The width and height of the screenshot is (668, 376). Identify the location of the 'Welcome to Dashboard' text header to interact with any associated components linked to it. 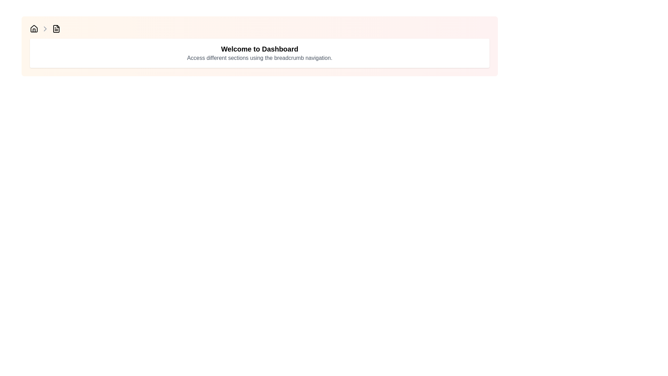
(259, 49).